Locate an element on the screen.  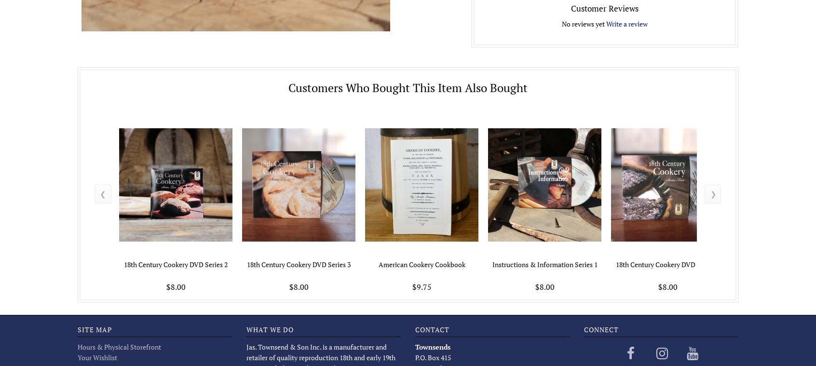
'American Cookery Cookbook' is located at coordinates (421, 263).